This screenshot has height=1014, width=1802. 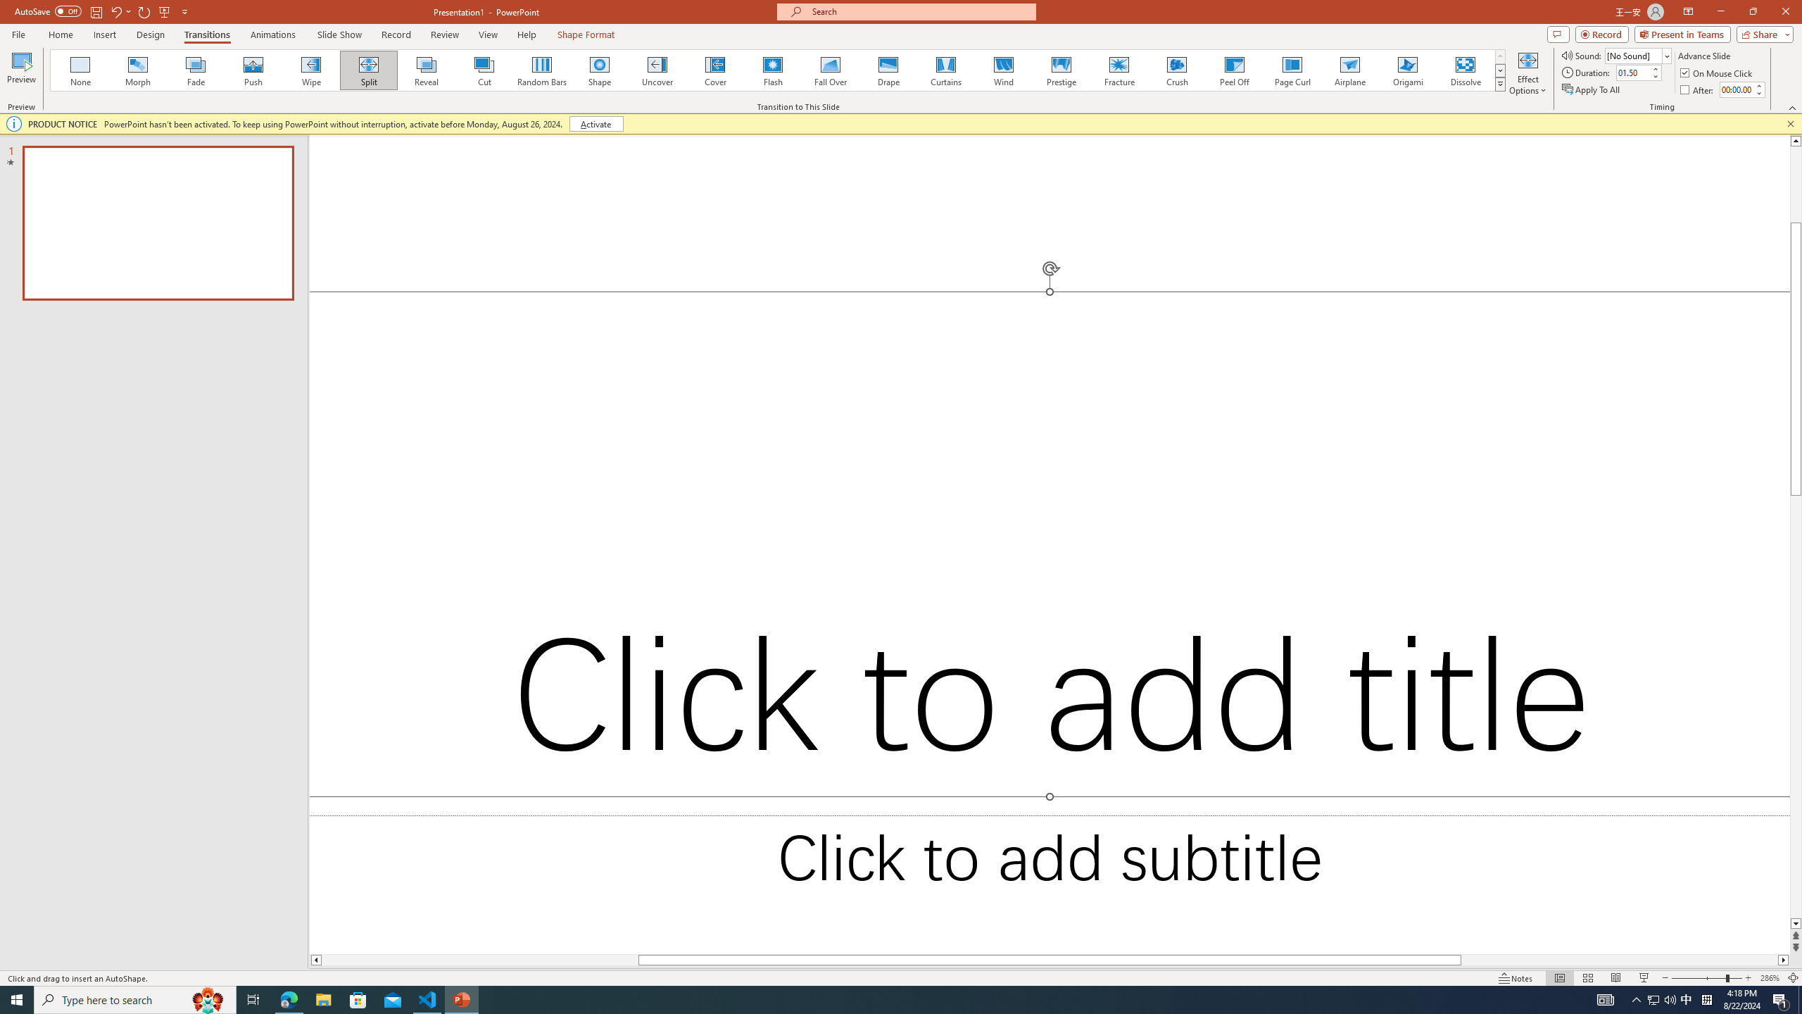 What do you see at coordinates (542, 70) in the screenshot?
I see `'Random Bars'` at bounding box center [542, 70].